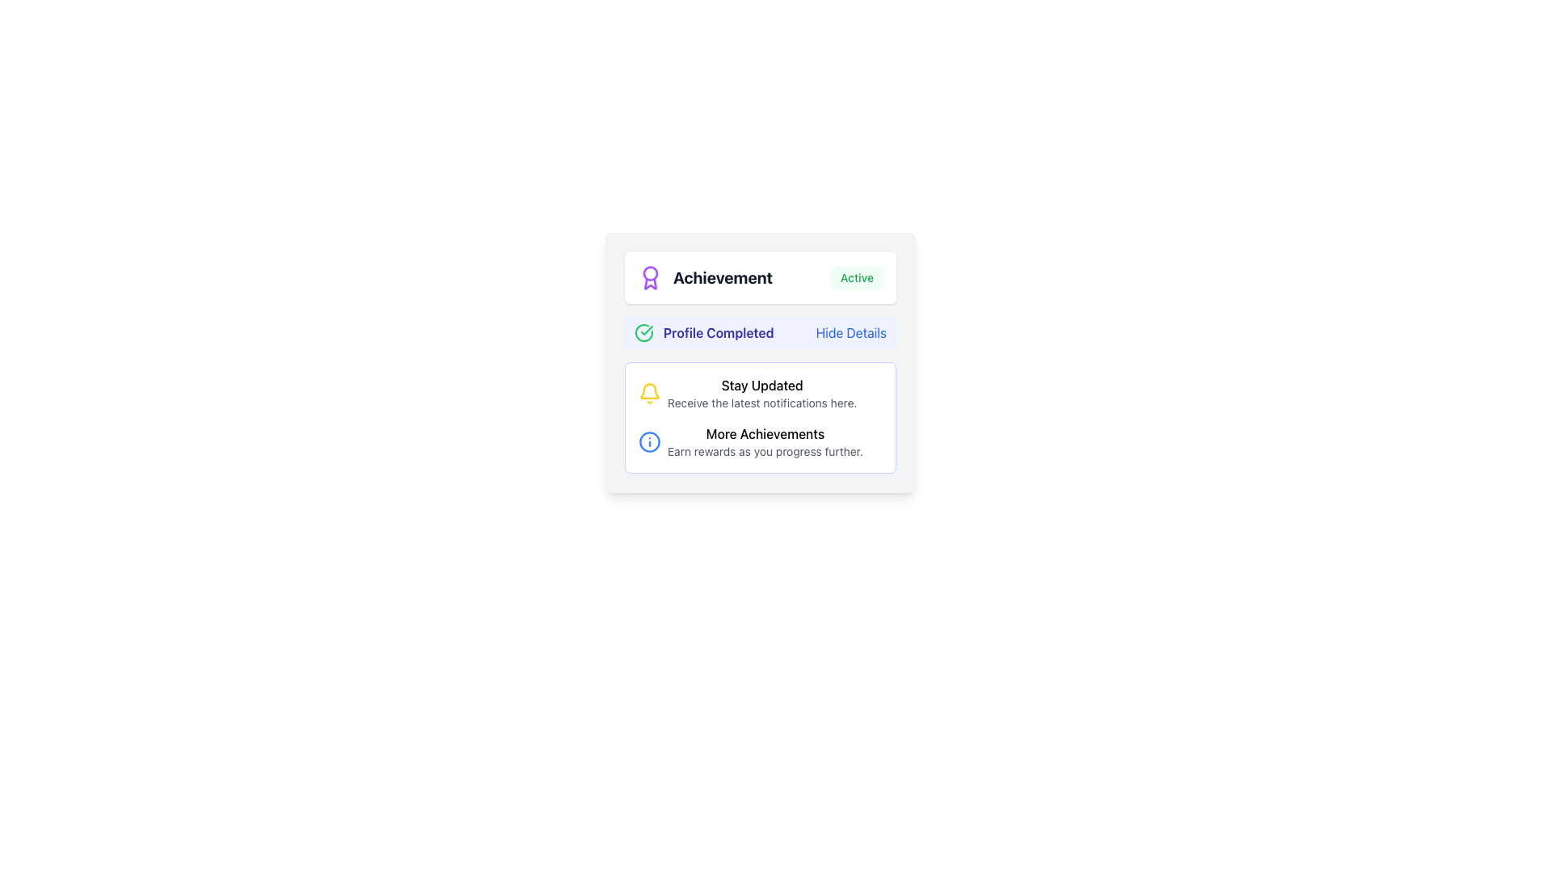 Image resolution: width=1552 pixels, height=873 pixels. Describe the element at coordinates (761, 393) in the screenshot. I see `the Text block titled 'Stay Updated' which includes the description 'Receive the latest notifications here.'` at that location.